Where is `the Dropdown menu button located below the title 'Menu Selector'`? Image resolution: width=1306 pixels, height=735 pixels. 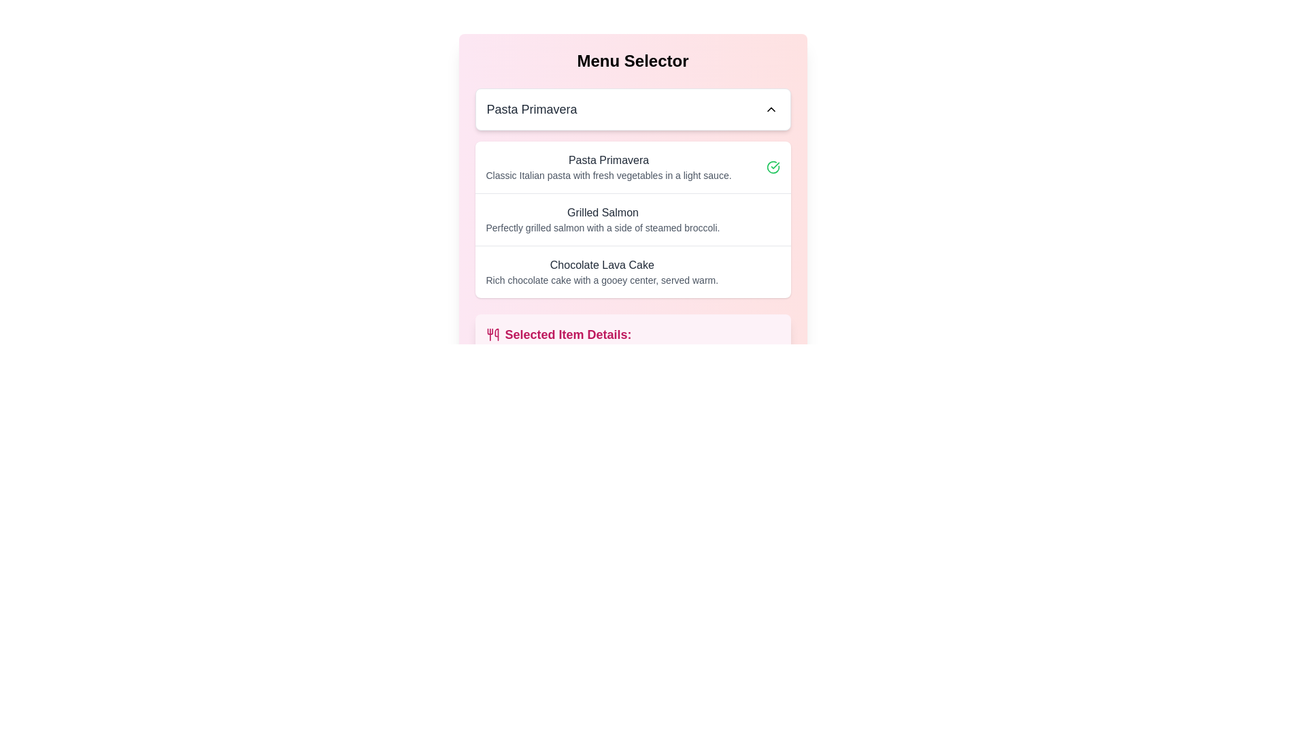
the Dropdown menu button located below the title 'Menu Selector' is located at coordinates (632, 109).